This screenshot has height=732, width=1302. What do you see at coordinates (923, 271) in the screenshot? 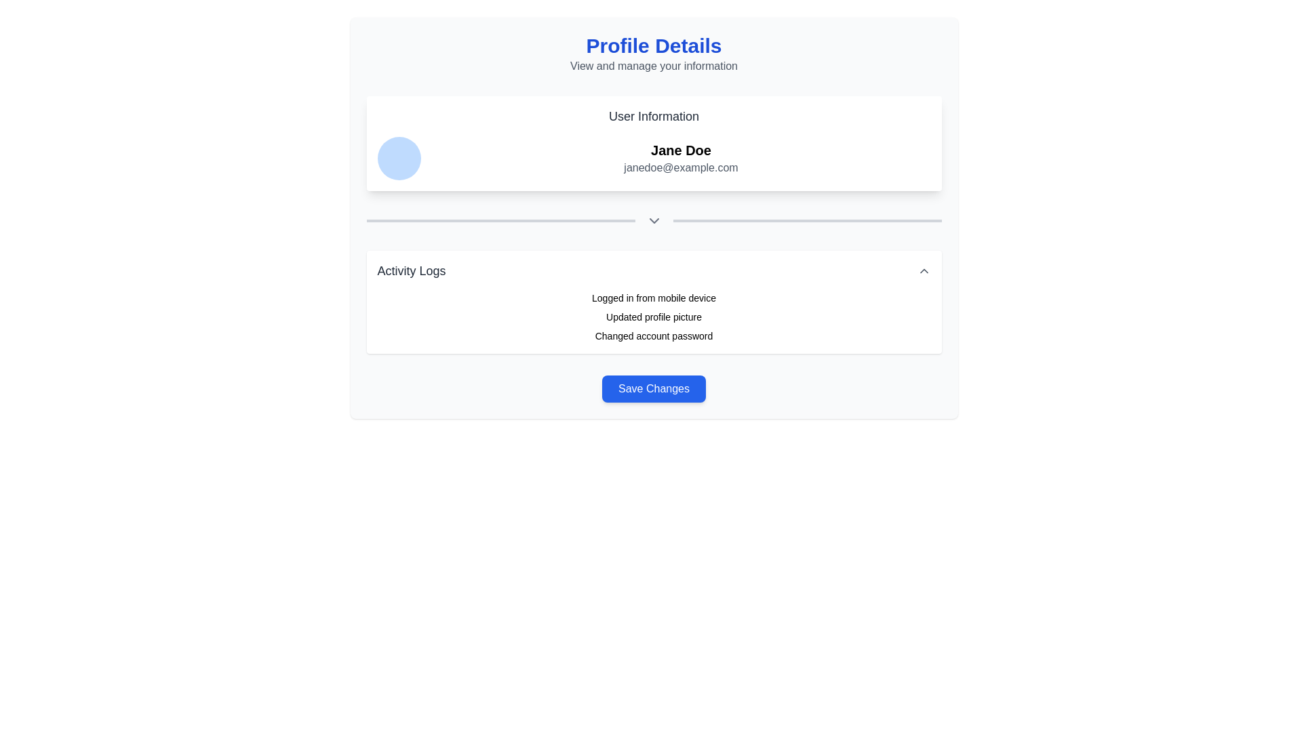
I see `the upward-pointing chevron icon on the far-right side of the 'Activity Logs' header` at bounding box center [923, 271].